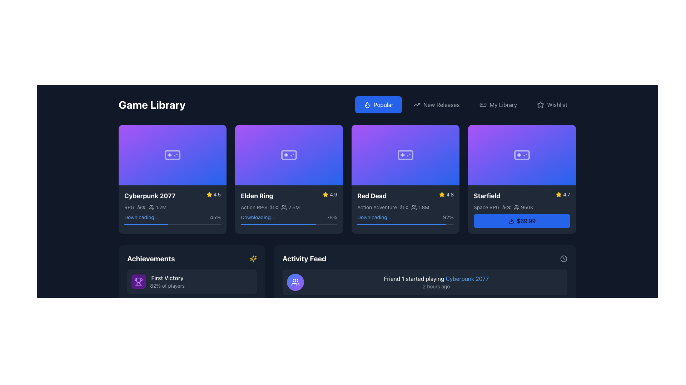 The width and height of the screenshot is (686, 385). I want to click on the 'New Releases' text label located in the top bar of the interface, styled in light-gray text on a dark background, so click(441, 104).